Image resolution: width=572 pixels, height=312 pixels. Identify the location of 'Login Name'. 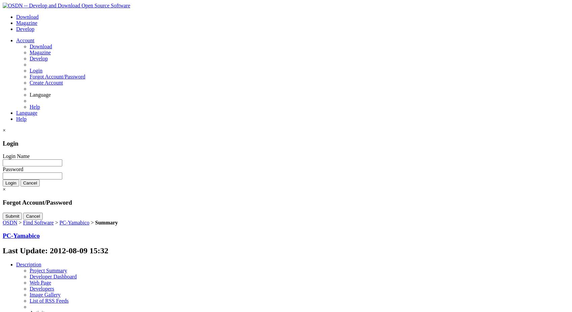
(16, 156).